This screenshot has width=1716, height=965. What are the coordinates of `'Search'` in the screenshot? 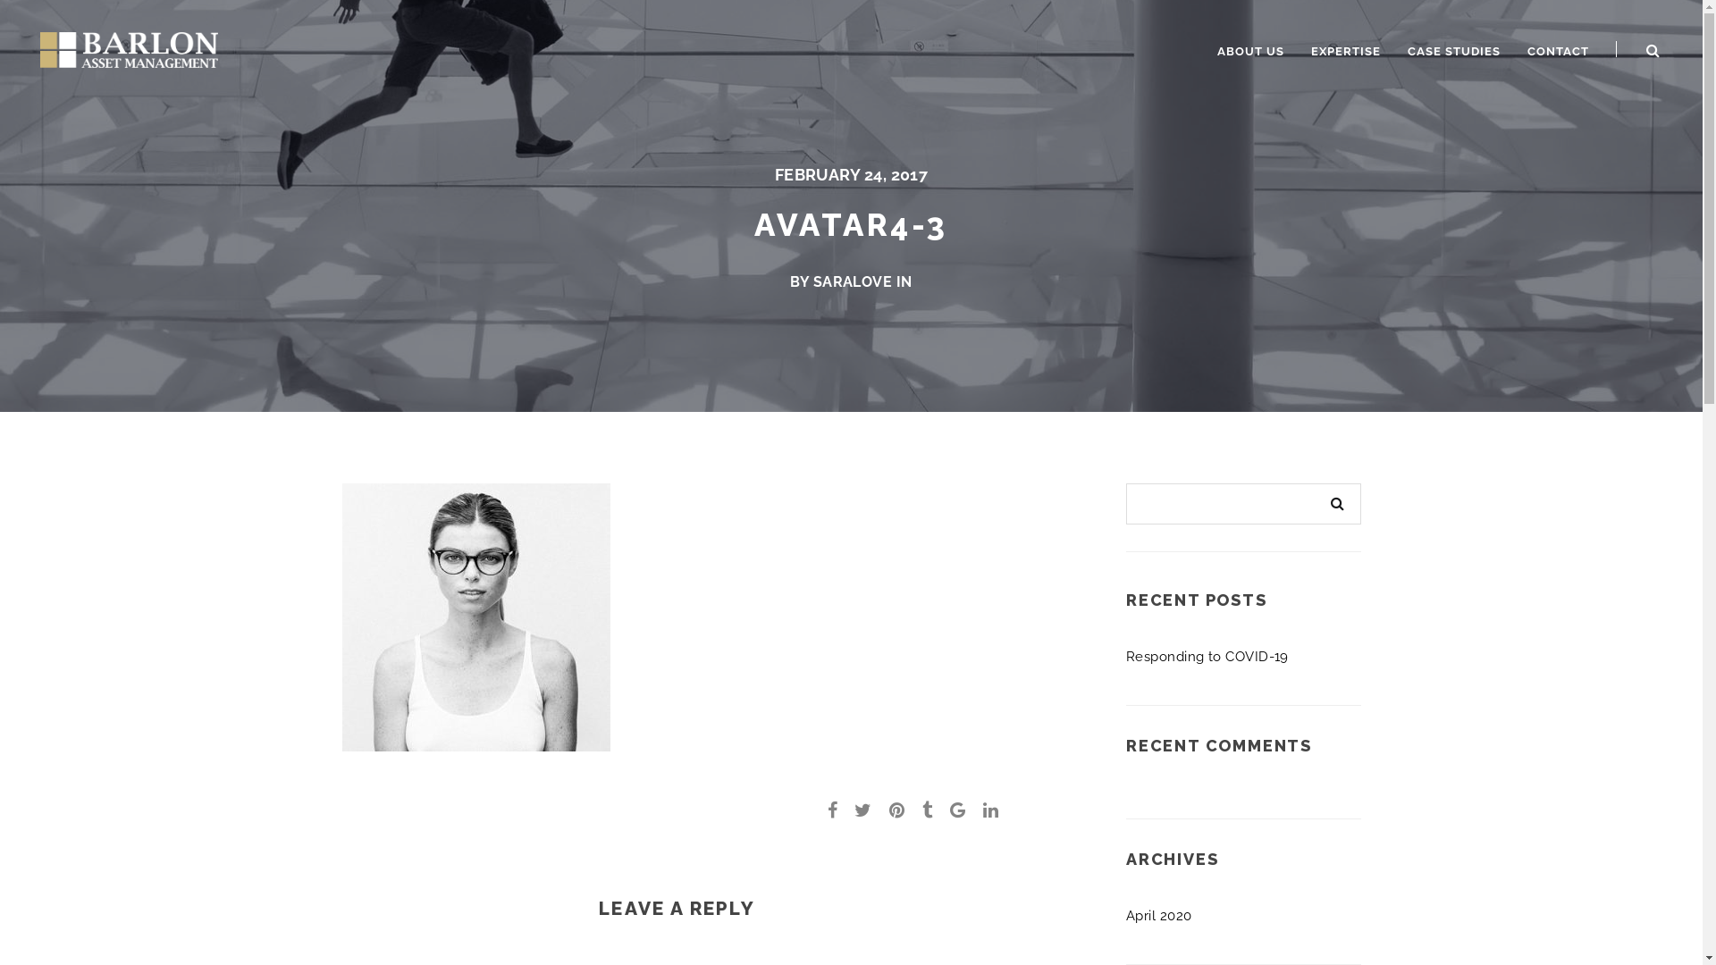 It's located at (1316, 503).